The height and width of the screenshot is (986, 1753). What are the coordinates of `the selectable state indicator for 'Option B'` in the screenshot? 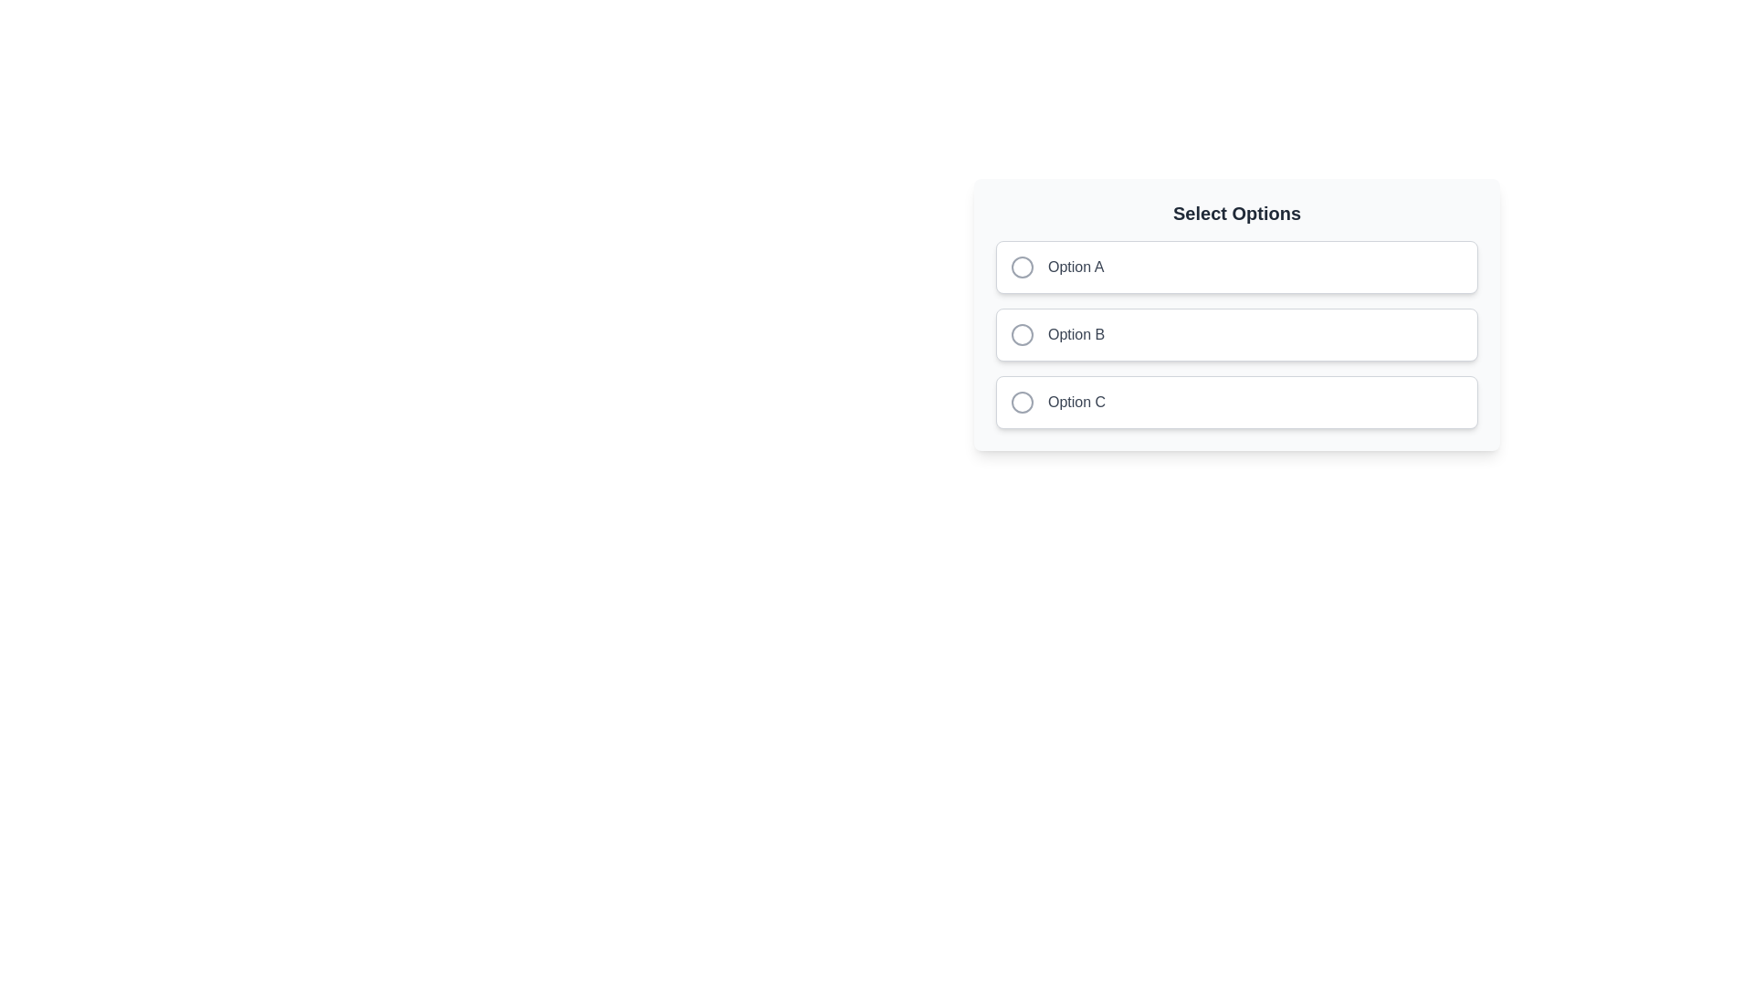 It's located at (1021, 334).